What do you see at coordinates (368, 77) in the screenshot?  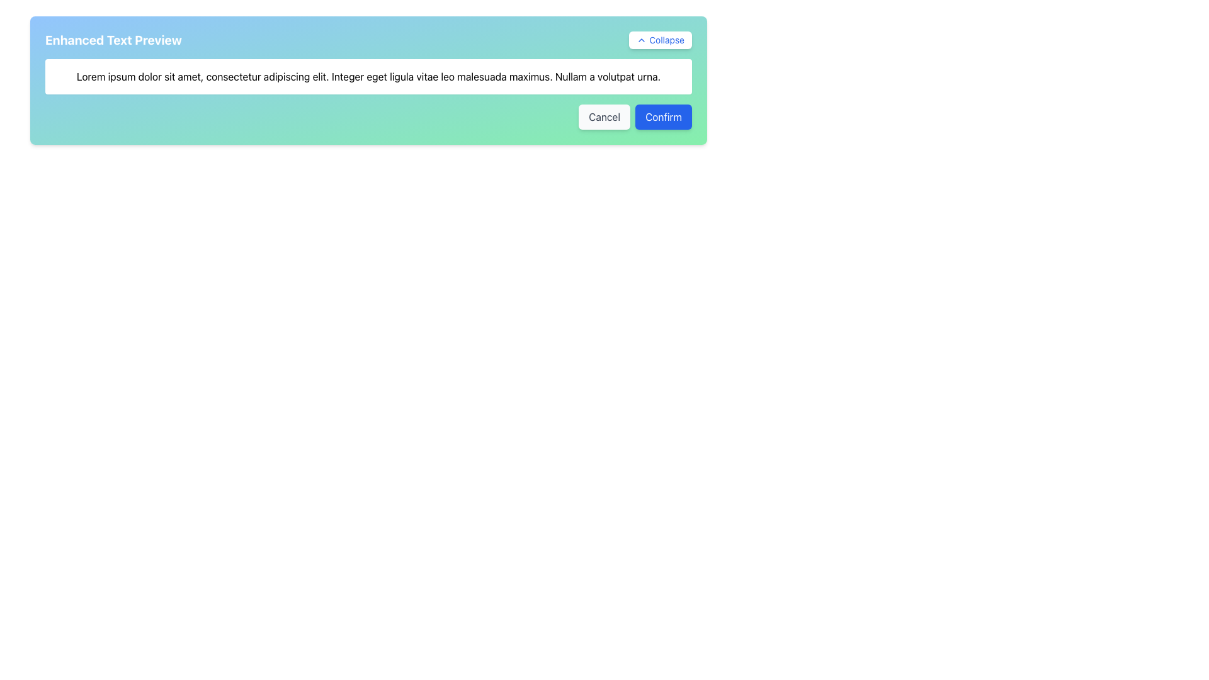 I see `text displayed in the Text Display element located beneath the 'Enhanced Text Preview' section, which contains the content 'Lorem ipsum dolor sit amet, consectetur adipiscing elit. Integer eget ligula vitae leo malesuada maximus. Nullam a volutpat urna.'` at bounding box center [368, 77].